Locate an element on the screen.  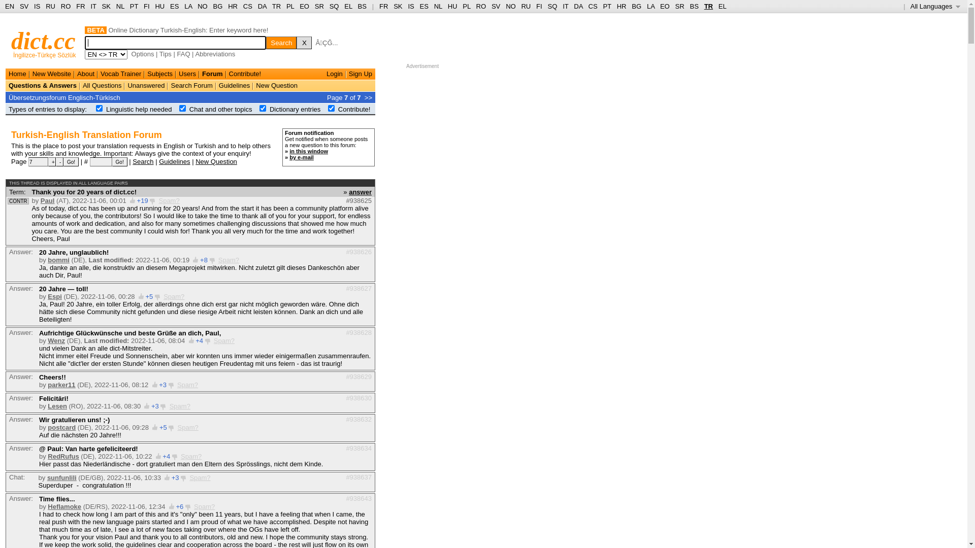
'PL' is located at coordinates (286, 6).